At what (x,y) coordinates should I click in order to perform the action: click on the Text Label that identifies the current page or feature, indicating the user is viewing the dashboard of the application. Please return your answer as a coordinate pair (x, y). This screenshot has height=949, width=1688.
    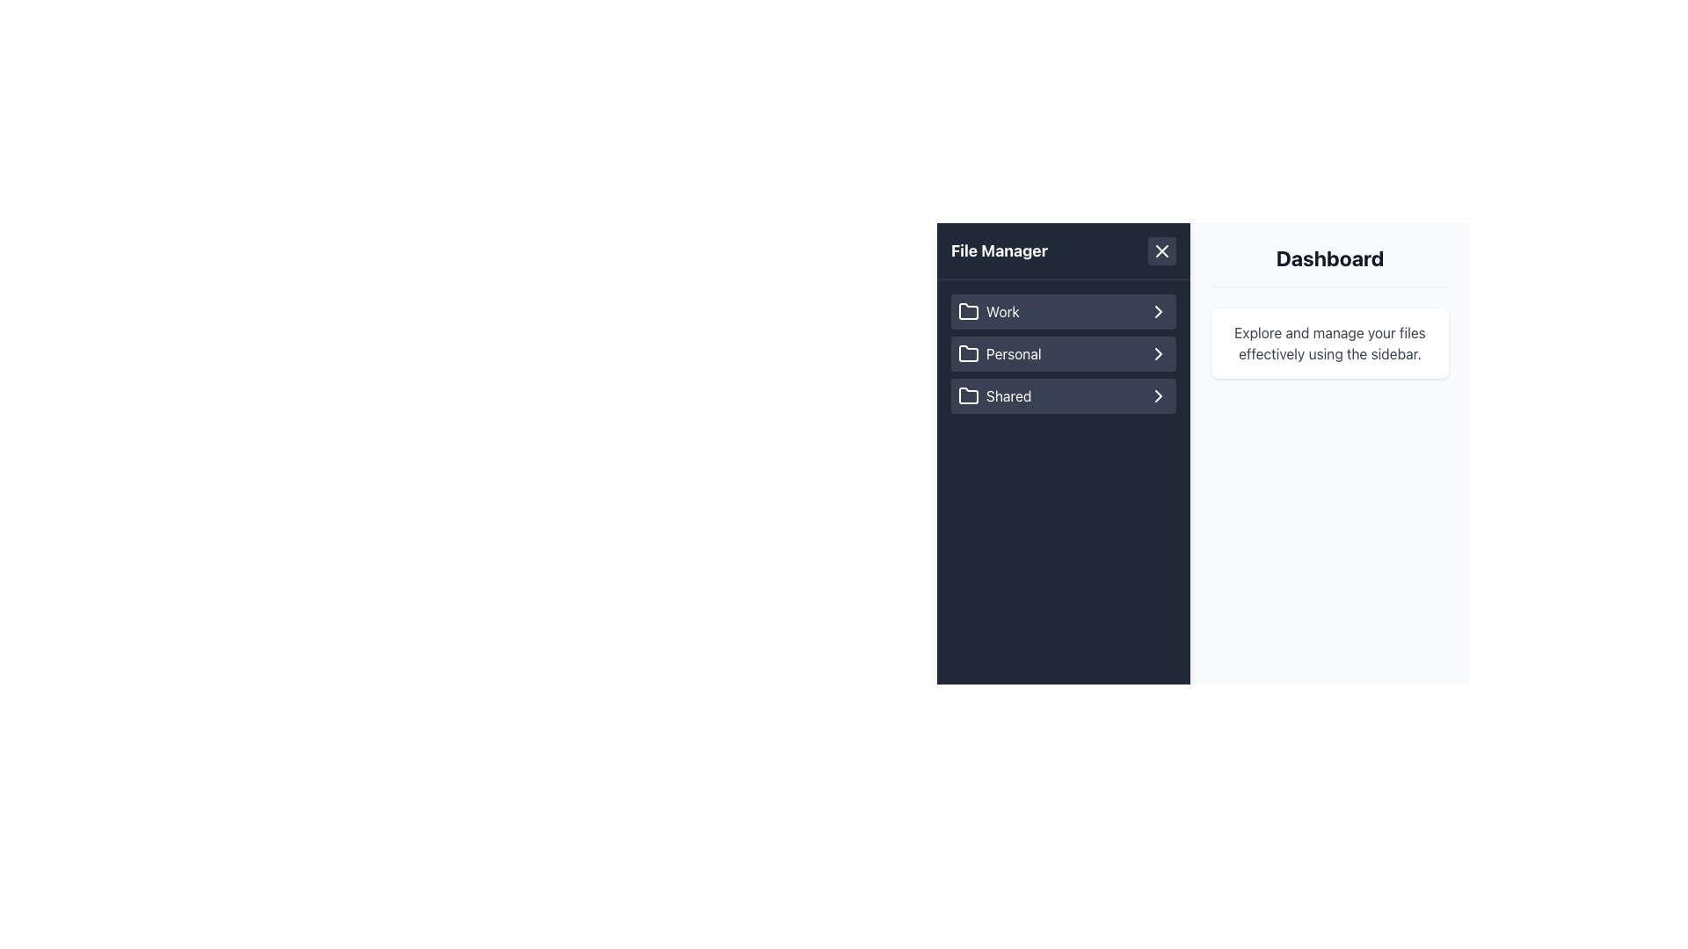
    Looking at the image, I should click on (1329, 265).